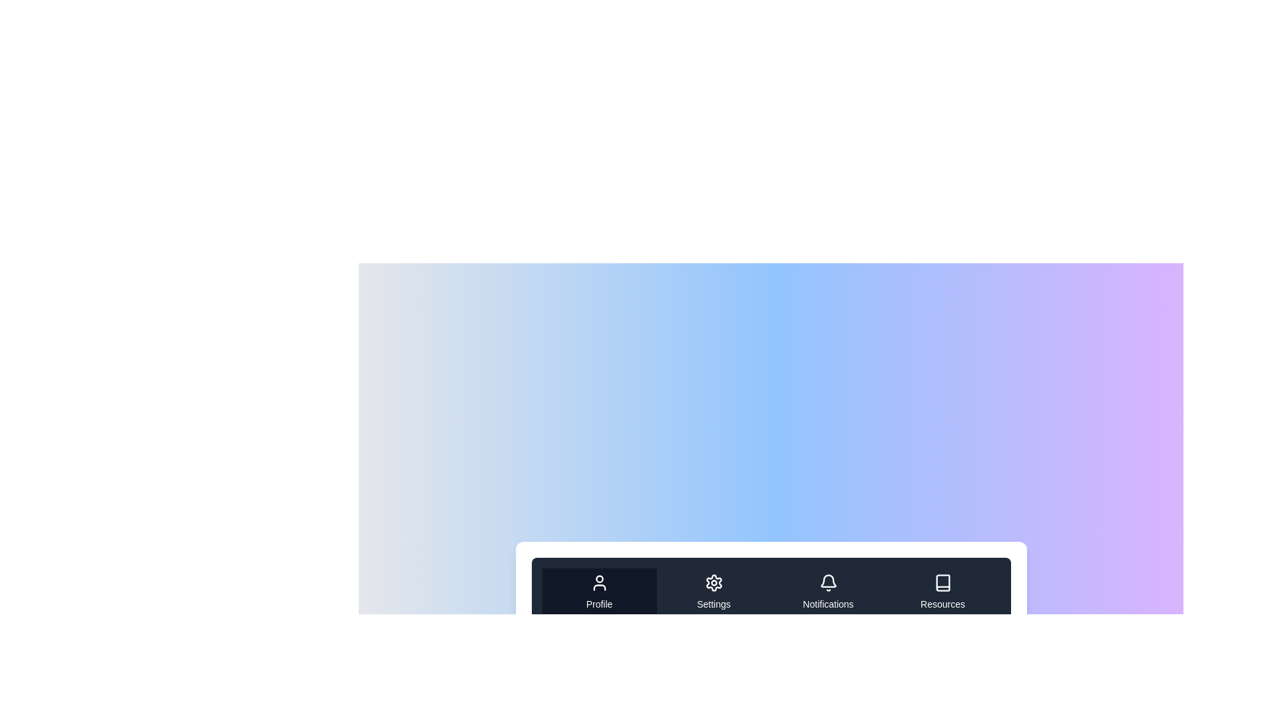 The height and width of the screenshot is (718, 1278). Describe the element at coordinates (827, 592) in the screenshot. I see `the tab labeled Notifications to navigate to its content` at that location.